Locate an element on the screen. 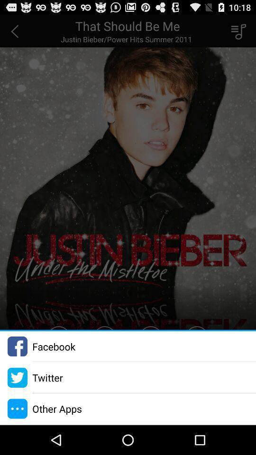 The image size is (256, 455). the facebook icon is located at coordinates (54, 346).